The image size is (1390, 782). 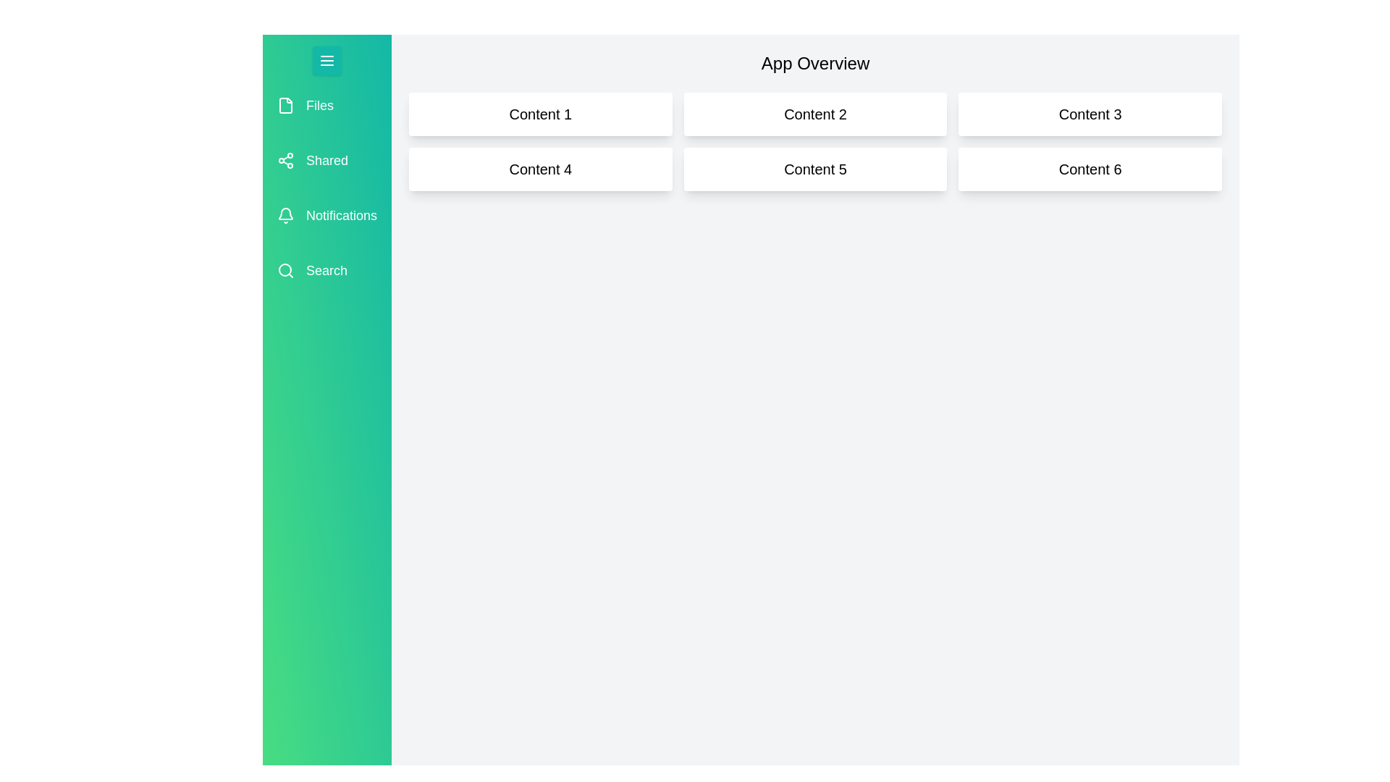 I want to click on the navigation item Shared from the drawer, so click(x=326, y=161).